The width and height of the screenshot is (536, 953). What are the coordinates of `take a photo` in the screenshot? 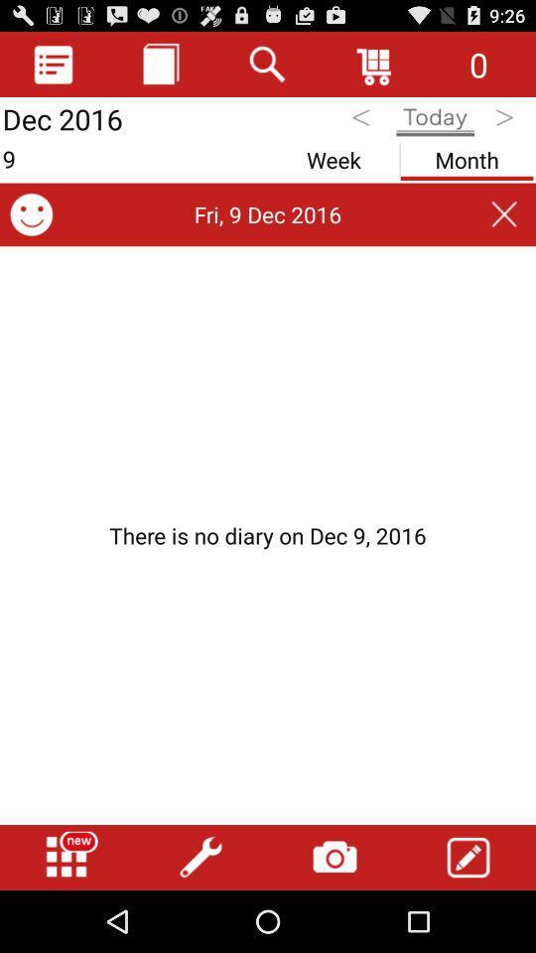 It's located at (335, 857).